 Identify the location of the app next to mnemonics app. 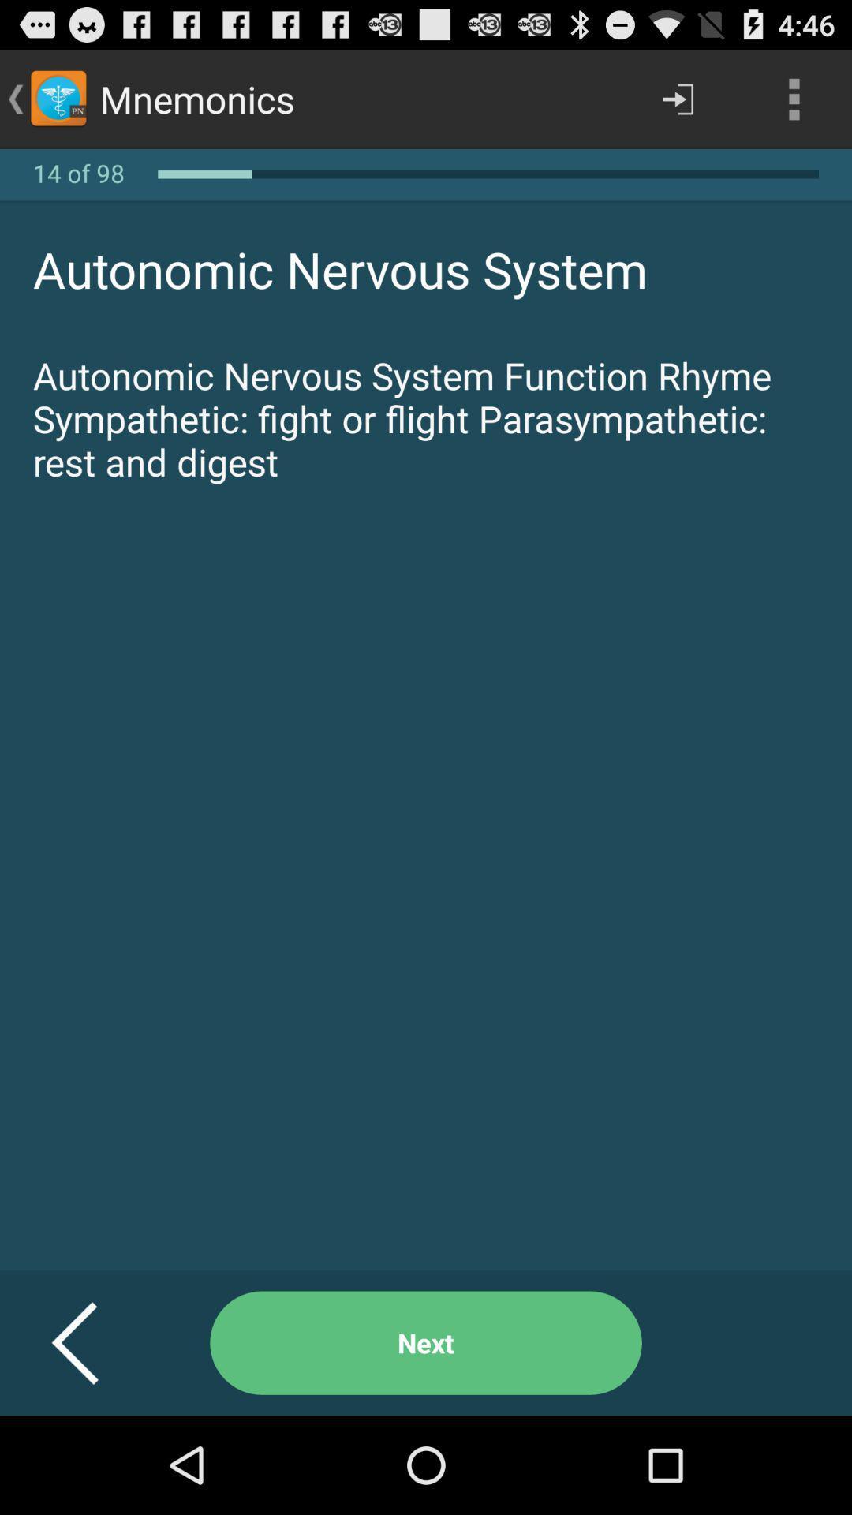
(677, 98).